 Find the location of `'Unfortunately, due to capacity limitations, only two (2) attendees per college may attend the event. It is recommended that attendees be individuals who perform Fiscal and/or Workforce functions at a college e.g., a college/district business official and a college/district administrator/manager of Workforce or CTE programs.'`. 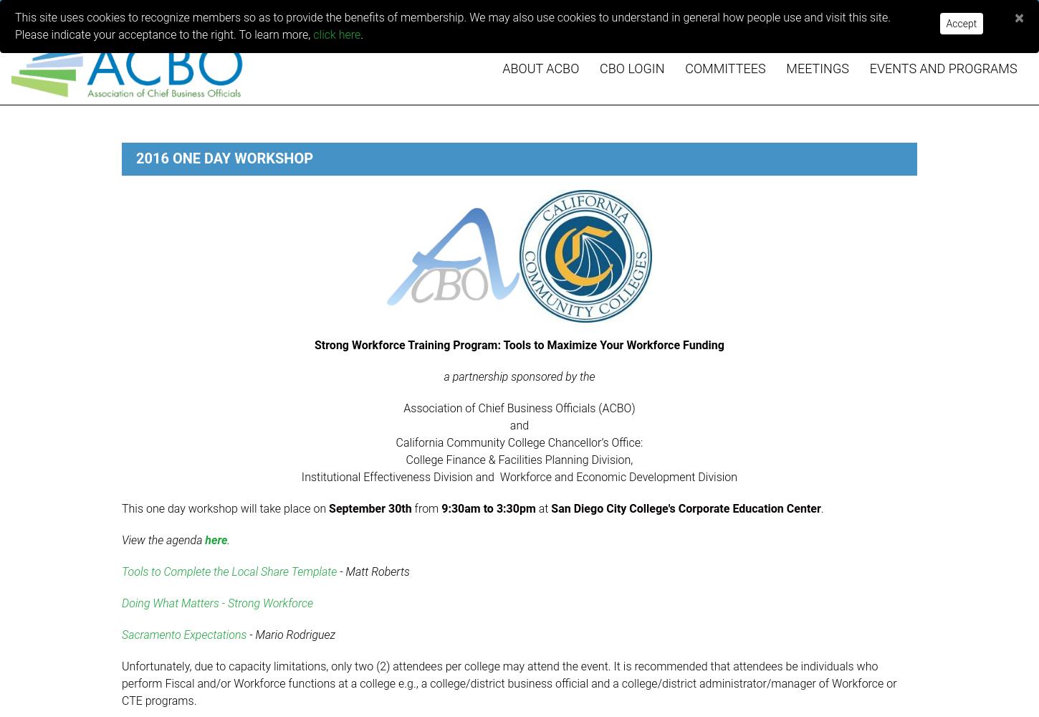

'Unfortunately, due to capacity limitations, only two (2) attendees per college may attend the event. It is recommended that attendees be individuals who perform Fiscal and/or Workforce functions at a college e.g., a college/district business official and a college/district administrator/manager of Workforce or CTE programs.' is located at coordinates (508, 683).